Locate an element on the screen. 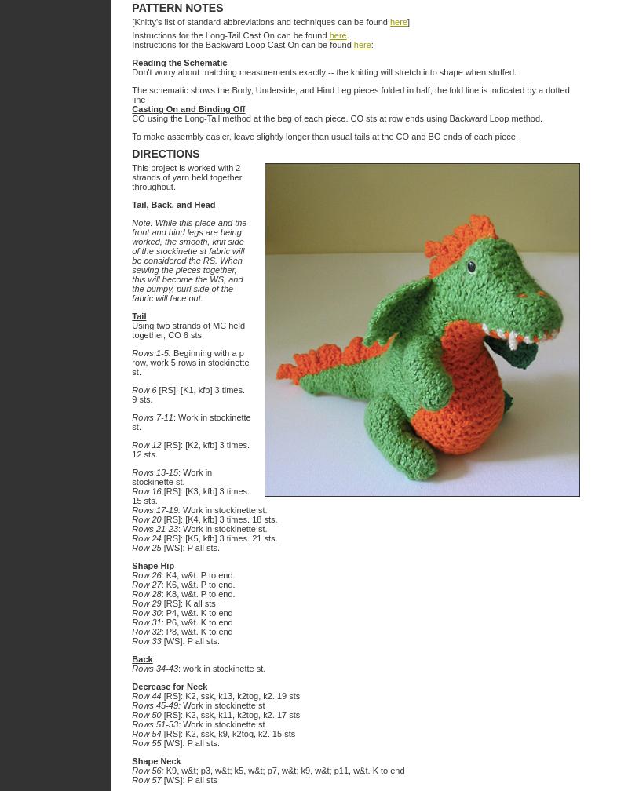 The image size is (628, 791). 'Decrease for Neck' is located at coordinates (170, 687).